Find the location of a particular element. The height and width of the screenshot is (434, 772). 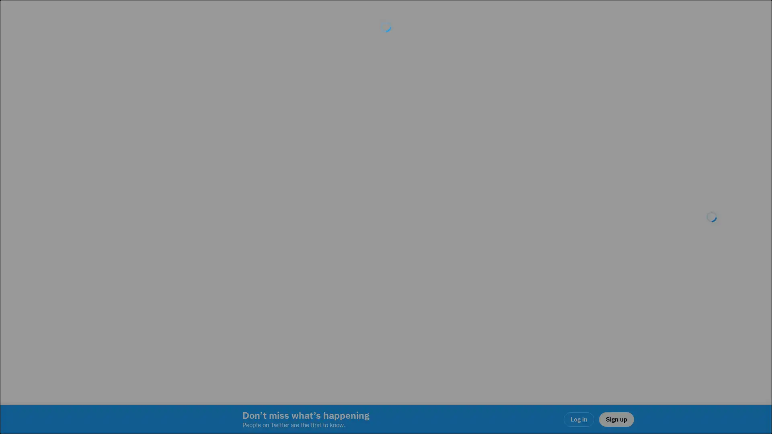

Log in is located at coordinates (482, 274).